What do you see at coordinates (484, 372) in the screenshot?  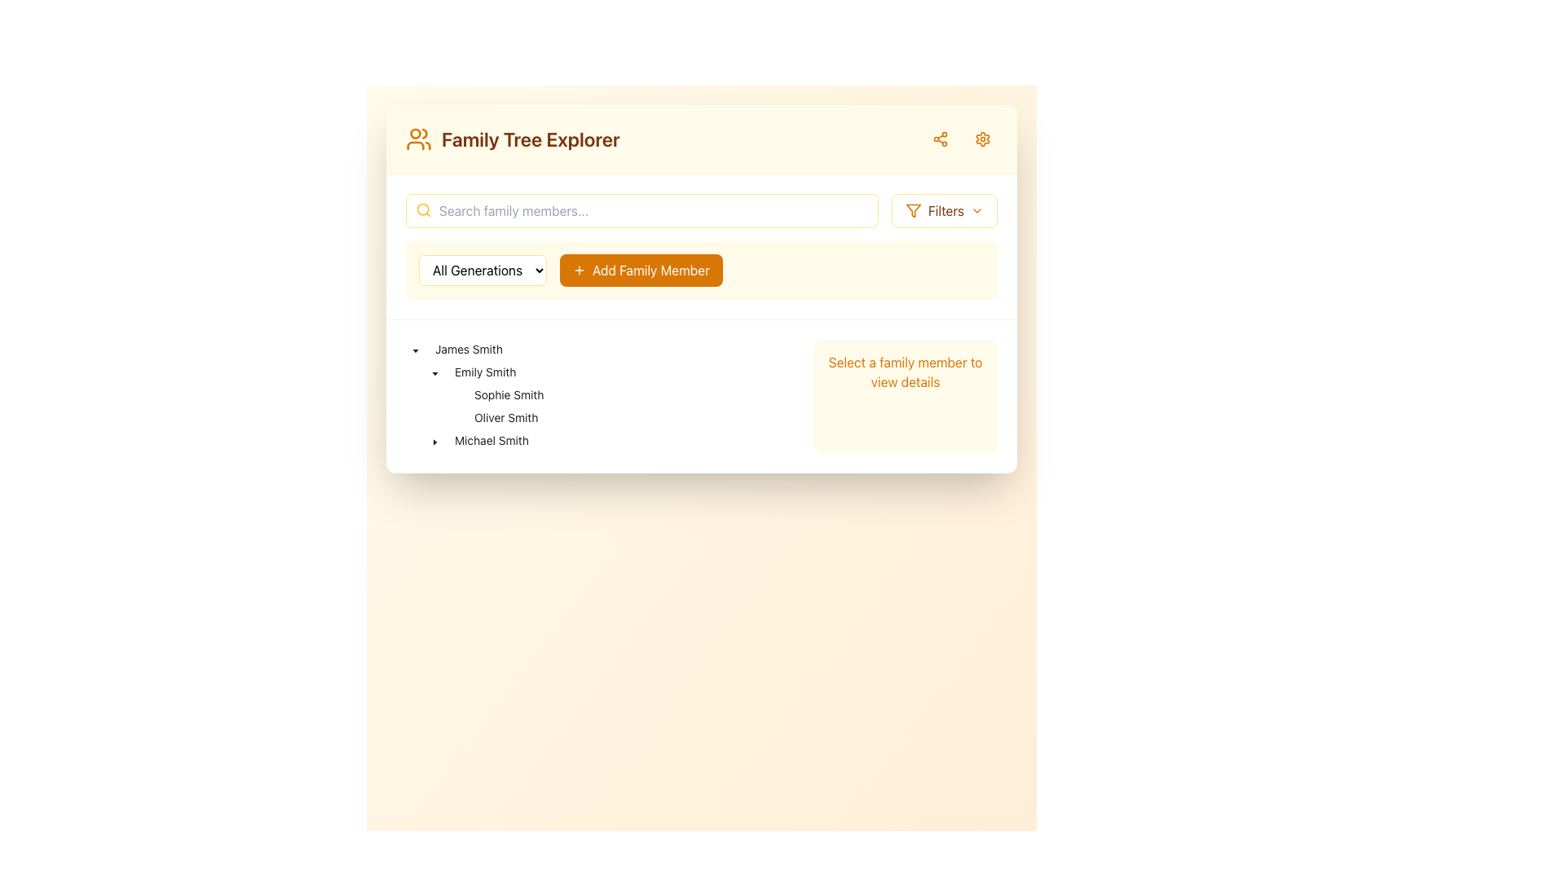 I see `the text label 'Emily Smith' located within the expanded node 'James Smith' in the family members list` at bounding box center [484, 372].